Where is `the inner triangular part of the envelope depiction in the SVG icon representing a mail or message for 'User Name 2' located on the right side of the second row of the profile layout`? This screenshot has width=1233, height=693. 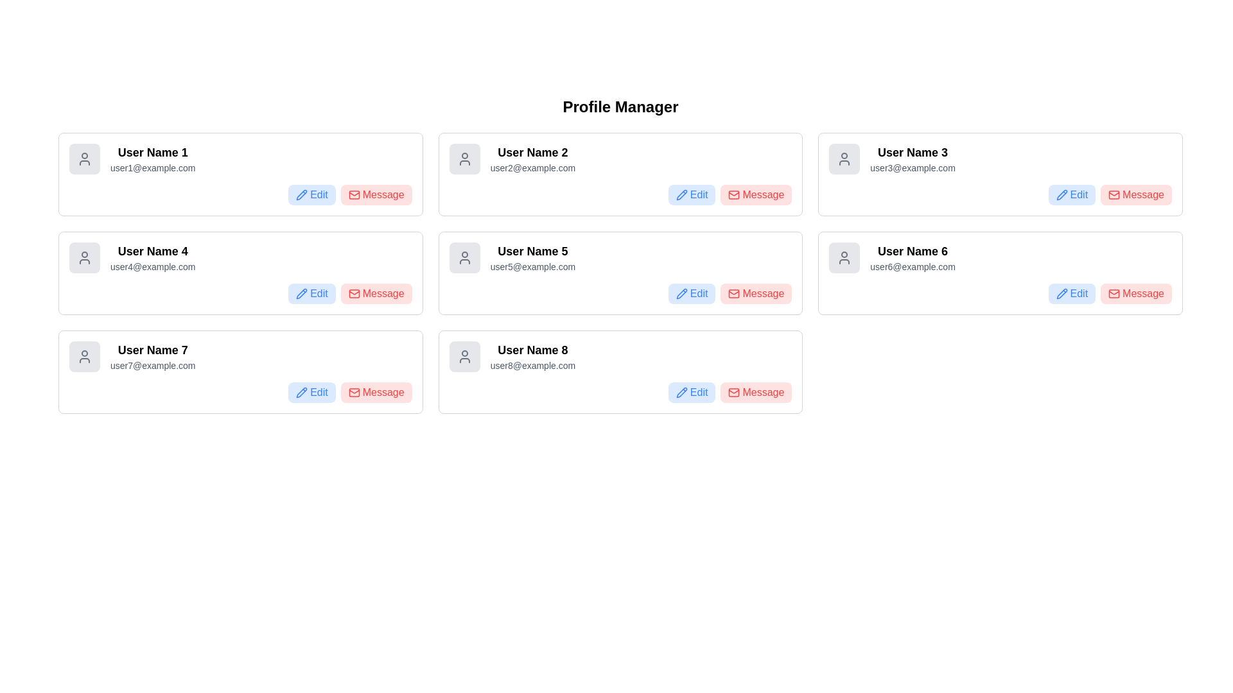 the inner triangular part of the envelope depiction in the SVG icon representing a mail or message for 'User Name 2' located on the right side of the second row of the profile layout is located at coordinates (734, 293).